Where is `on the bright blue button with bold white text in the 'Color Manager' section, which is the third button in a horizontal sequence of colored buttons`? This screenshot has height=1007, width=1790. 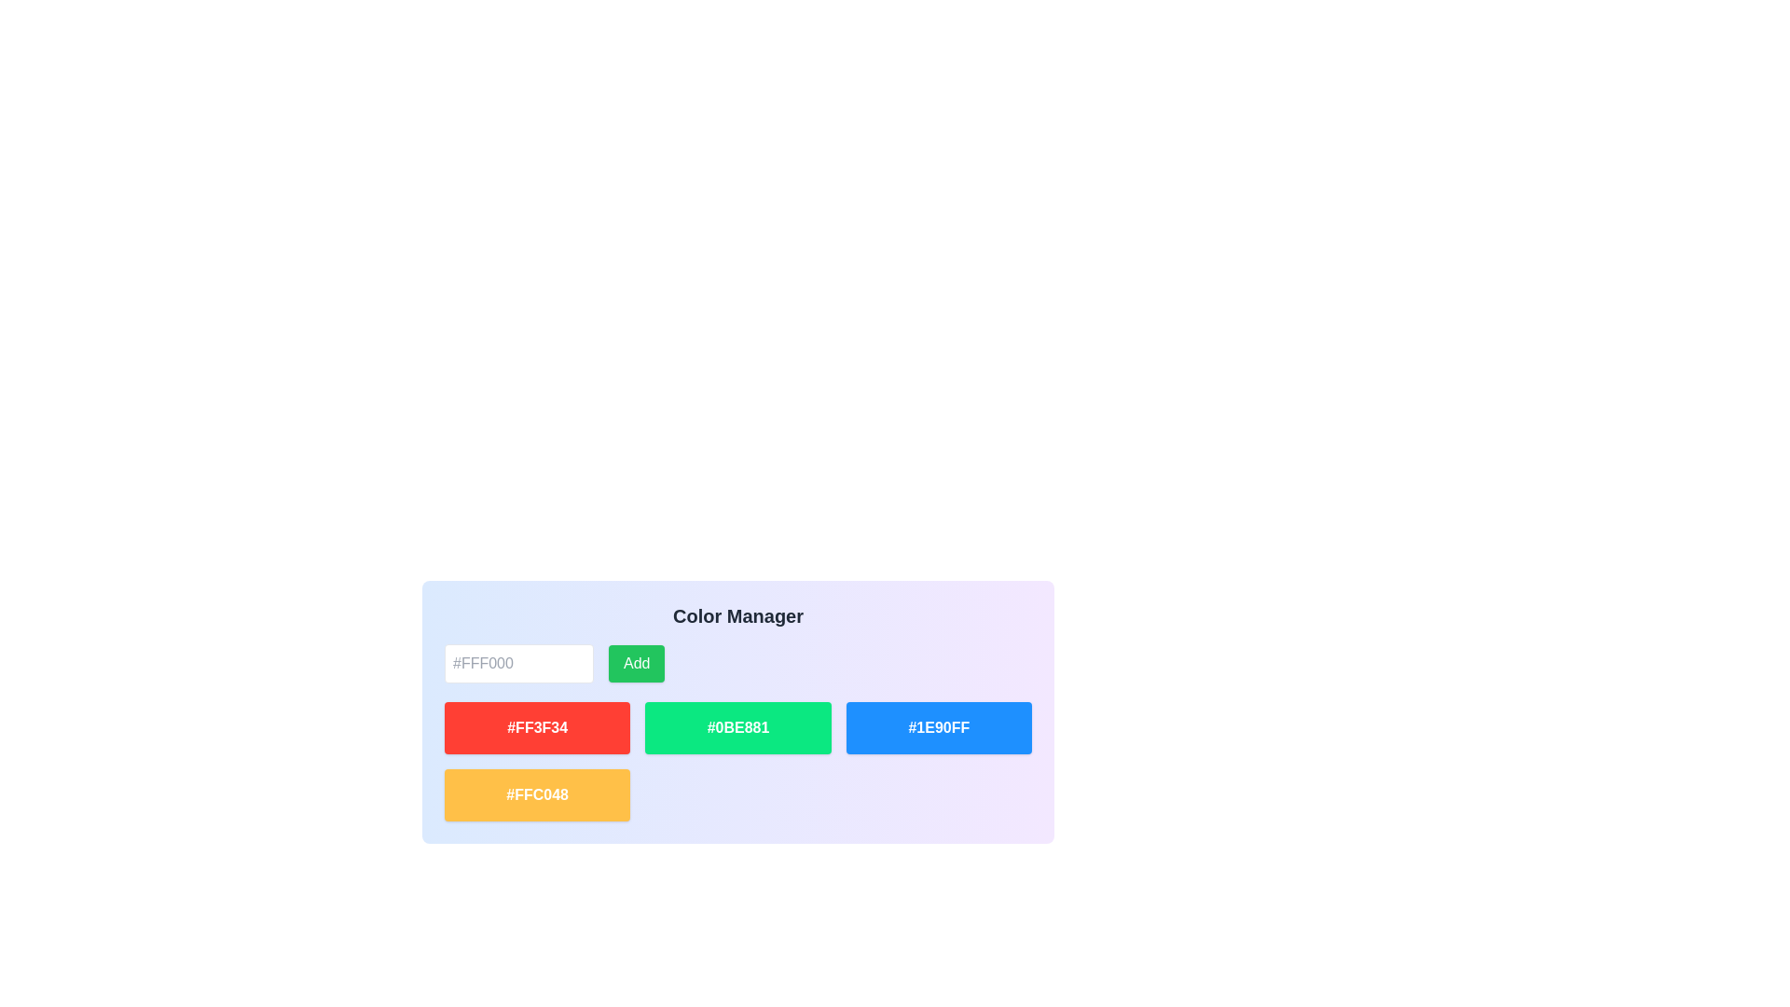 on the bright blue button with bold white text in the 'Color Manager' section, which is the third button in a horizontal sequence of colored buttons is located at coordinates (939, 726).